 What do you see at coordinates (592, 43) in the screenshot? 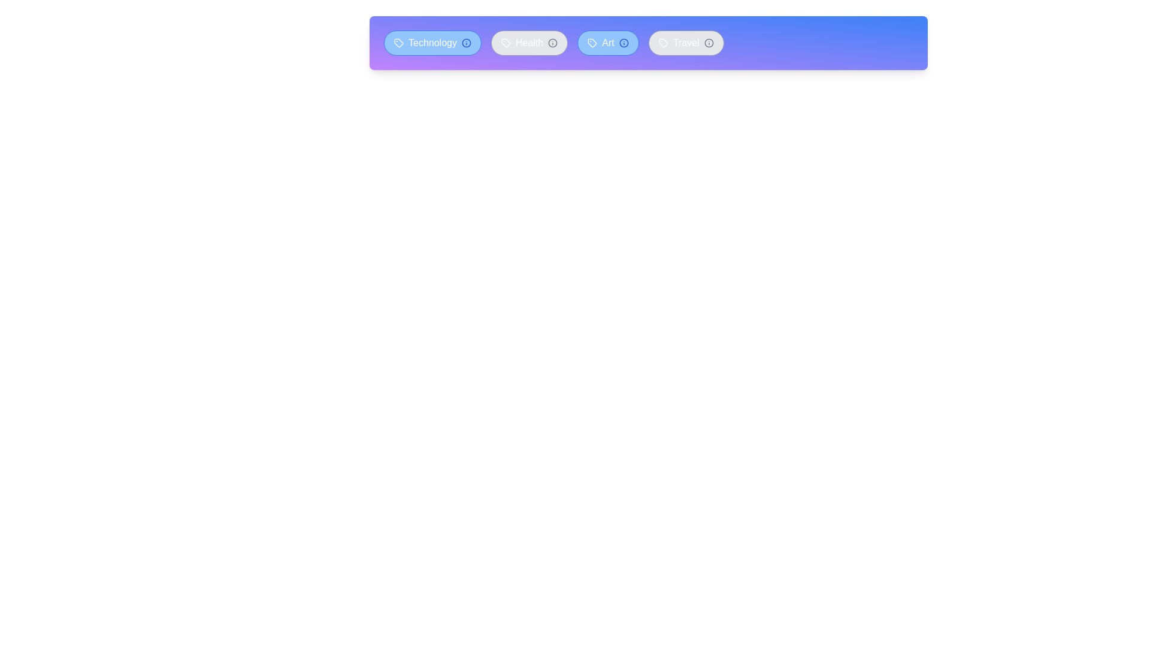
I see `the icon within the tag labeled 'Art'` at bounding box center [592, 43].